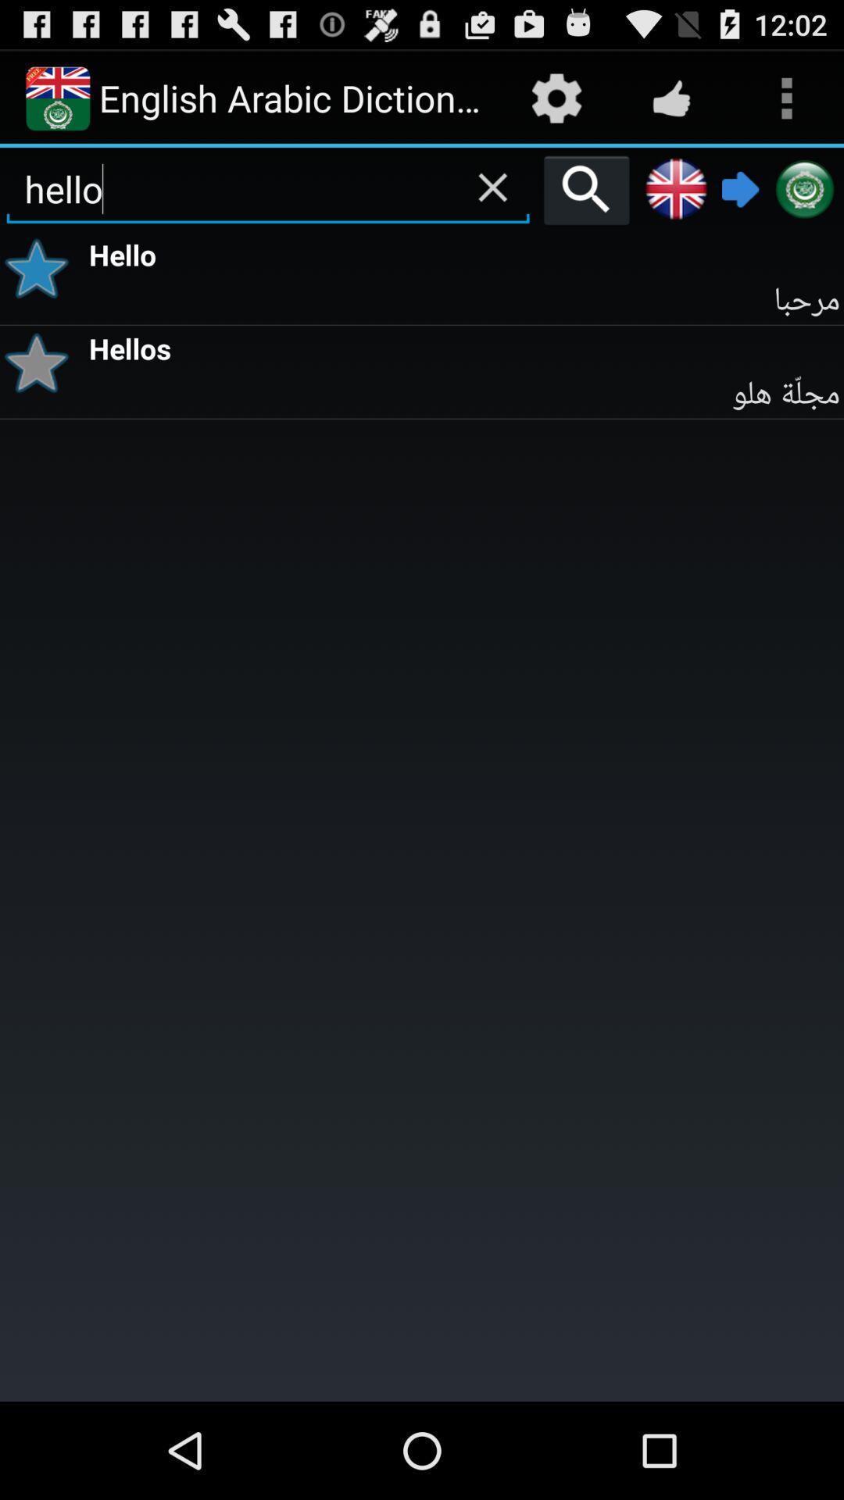 This screenshot has height=1500, width=844. Describe the element at coordinates (586, 189) in the screenshot. I see `execute search` at that location.